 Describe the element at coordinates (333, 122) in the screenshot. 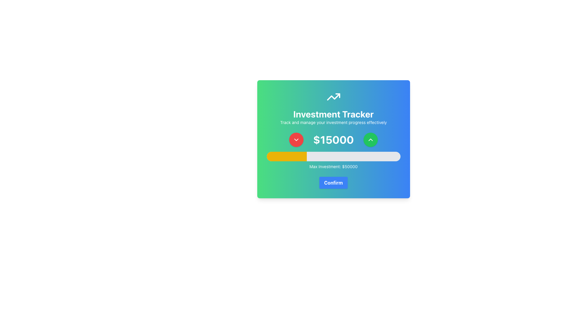

I see `supporting text label located directly underneath the 'Investment Tracker' title, which explains its functionality or purpose` at that location.